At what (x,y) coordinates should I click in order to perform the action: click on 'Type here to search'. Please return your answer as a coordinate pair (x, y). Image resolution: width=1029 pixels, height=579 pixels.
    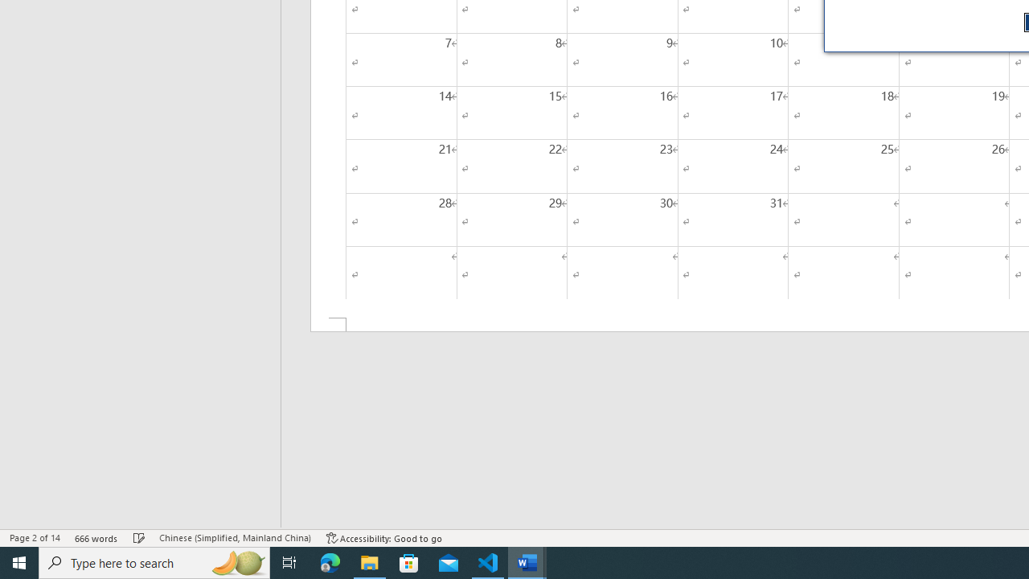
    Looking at the image, I should click on (154, 561).